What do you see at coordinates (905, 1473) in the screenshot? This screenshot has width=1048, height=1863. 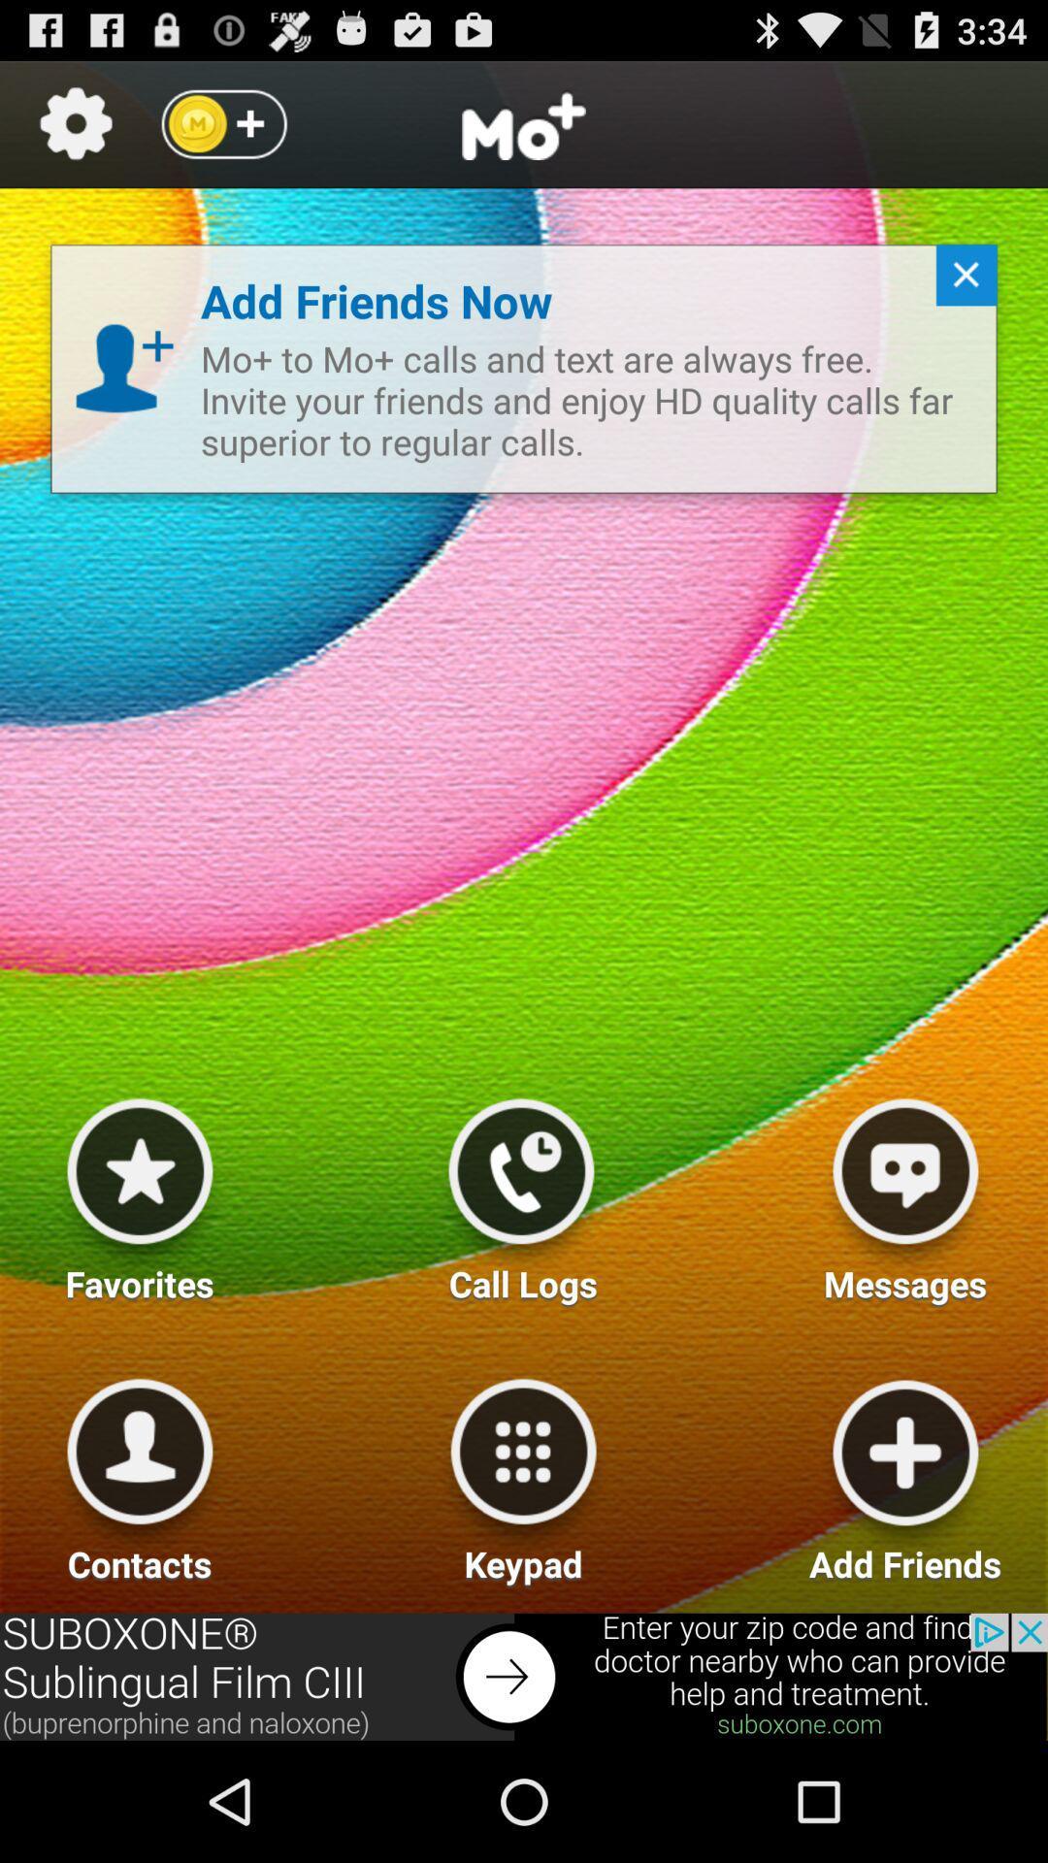 I see `friends` at bounding box center [905, 1473].